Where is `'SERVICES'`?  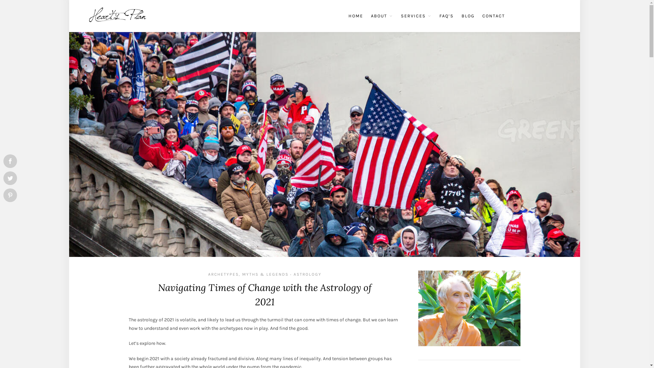 'SERVICES' is located at coordinates (415, 15).